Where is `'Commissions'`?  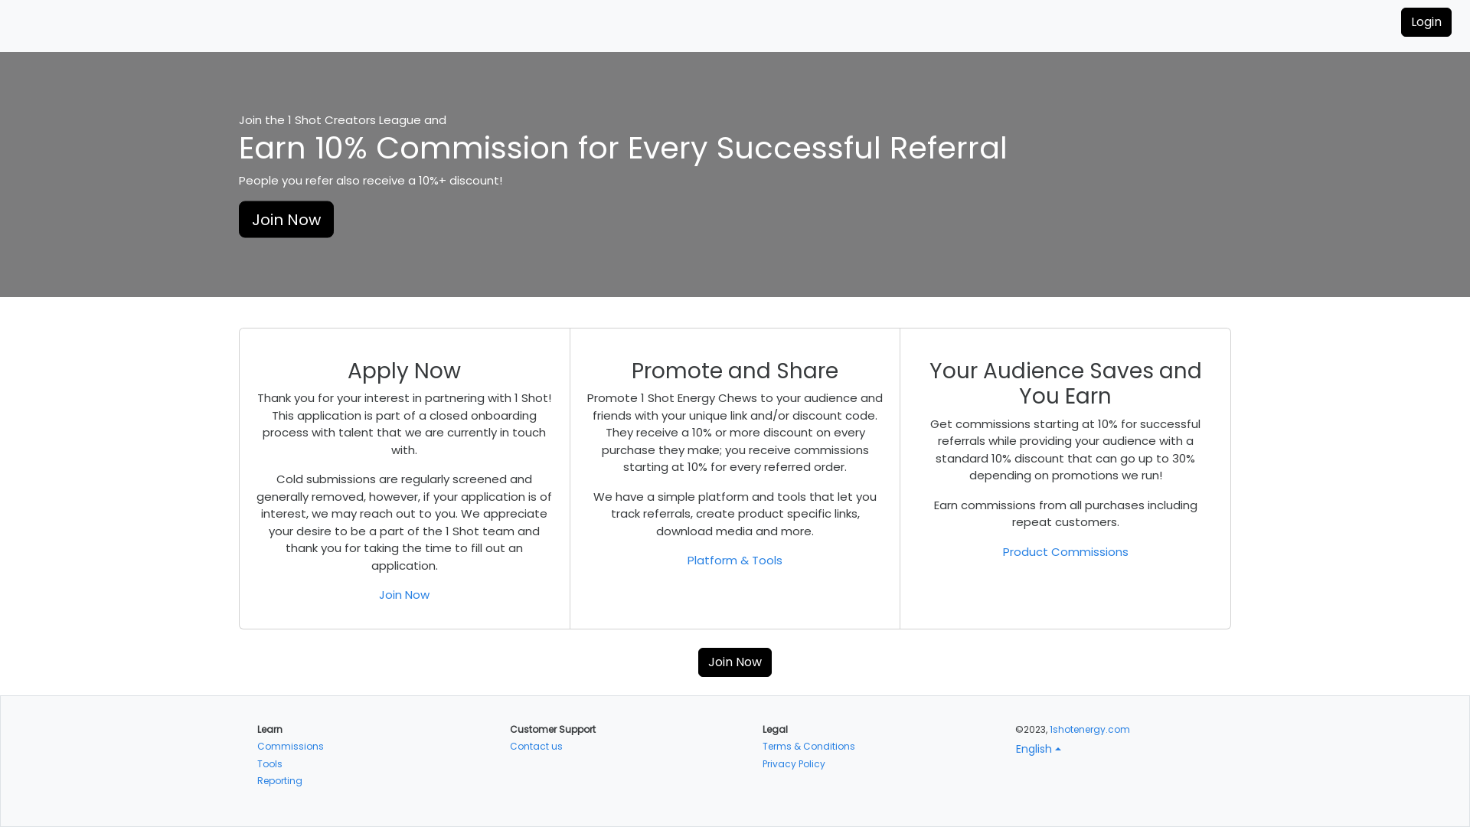 'Commissions' is located at coordinates (284, 711).